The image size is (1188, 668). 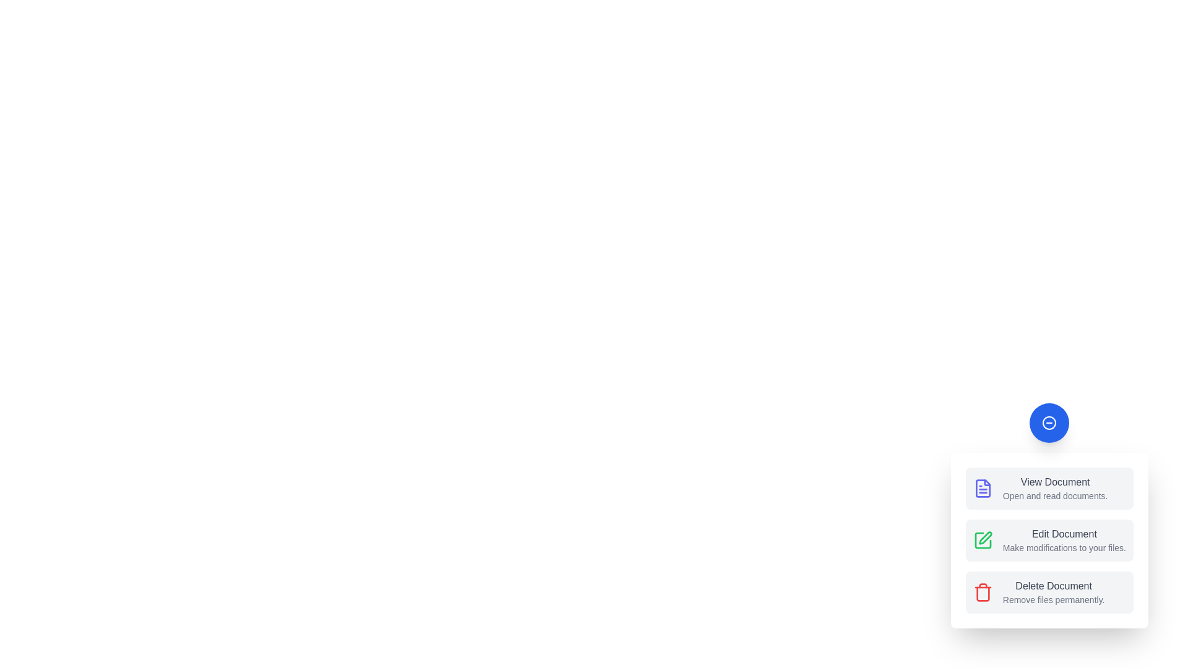 What do you see at coordinates (1049, 488) in the screenshot?
I see `the menu option View Document from the speed dial menu` at bounding box center [1049, 488].